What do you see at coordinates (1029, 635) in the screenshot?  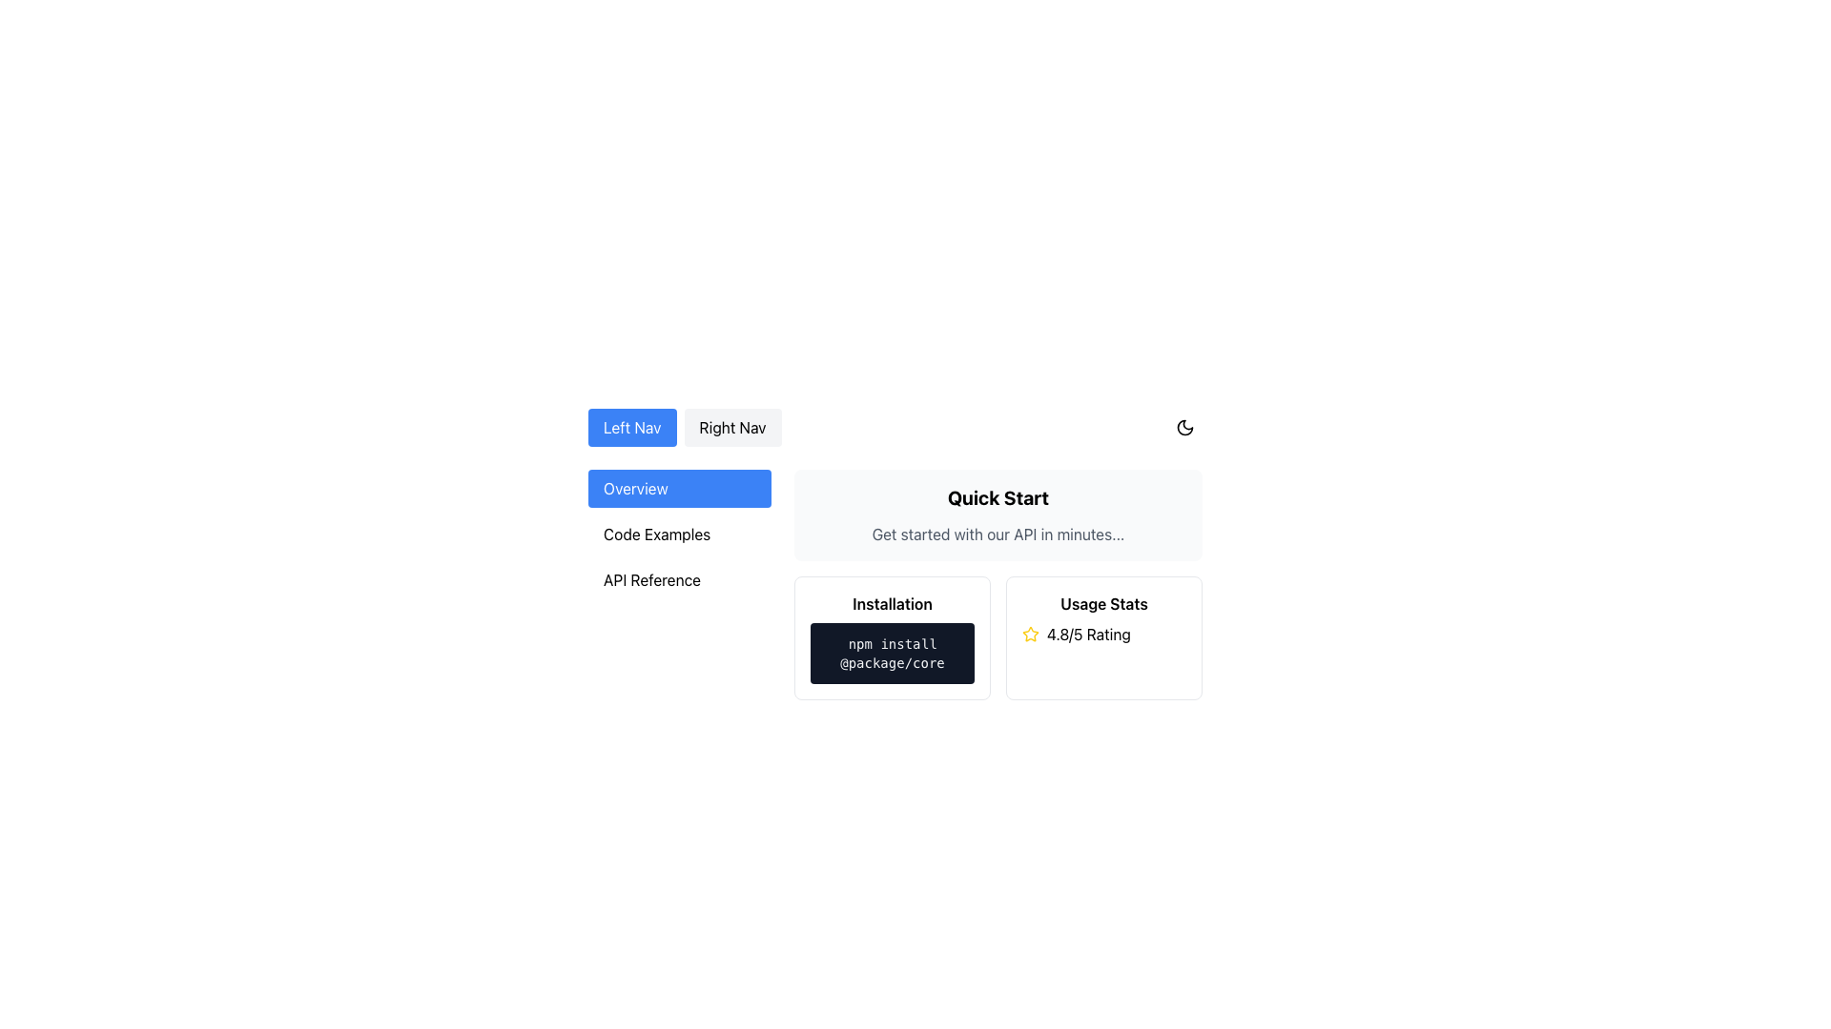 I see `the yellow star-shaped icon that represents a rating, located to the left of the '4.8/5 Rating' text` at bounding box center [1029, 635].